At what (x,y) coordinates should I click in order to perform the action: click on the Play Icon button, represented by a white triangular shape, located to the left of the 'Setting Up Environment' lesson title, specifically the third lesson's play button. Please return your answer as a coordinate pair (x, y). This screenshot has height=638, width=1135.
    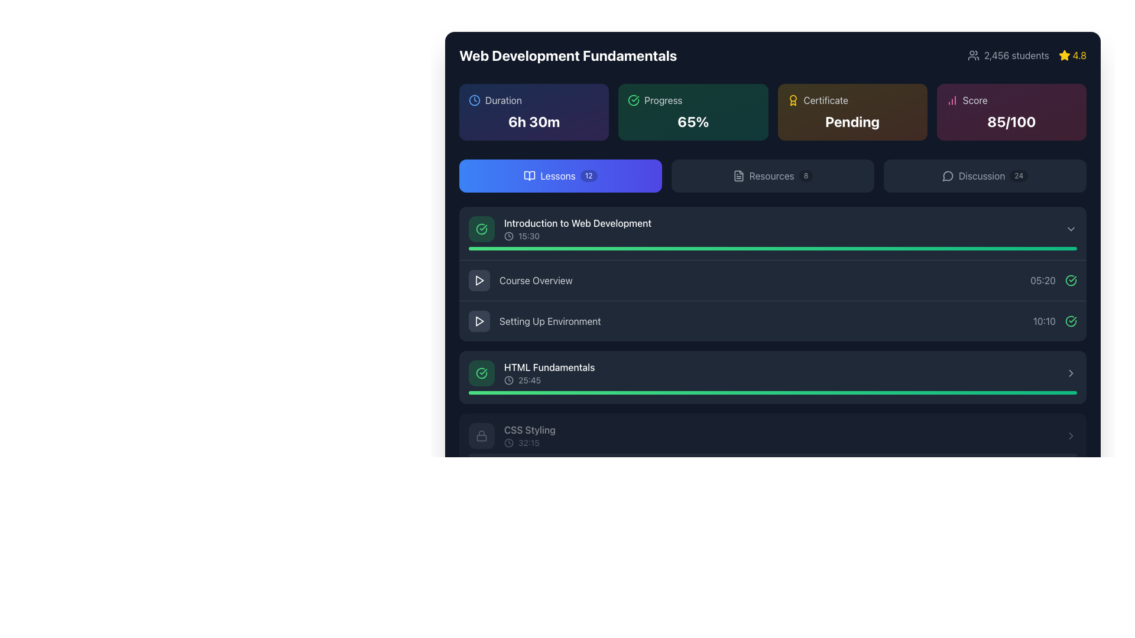
    Looking at the image, I should click on (479, 321).